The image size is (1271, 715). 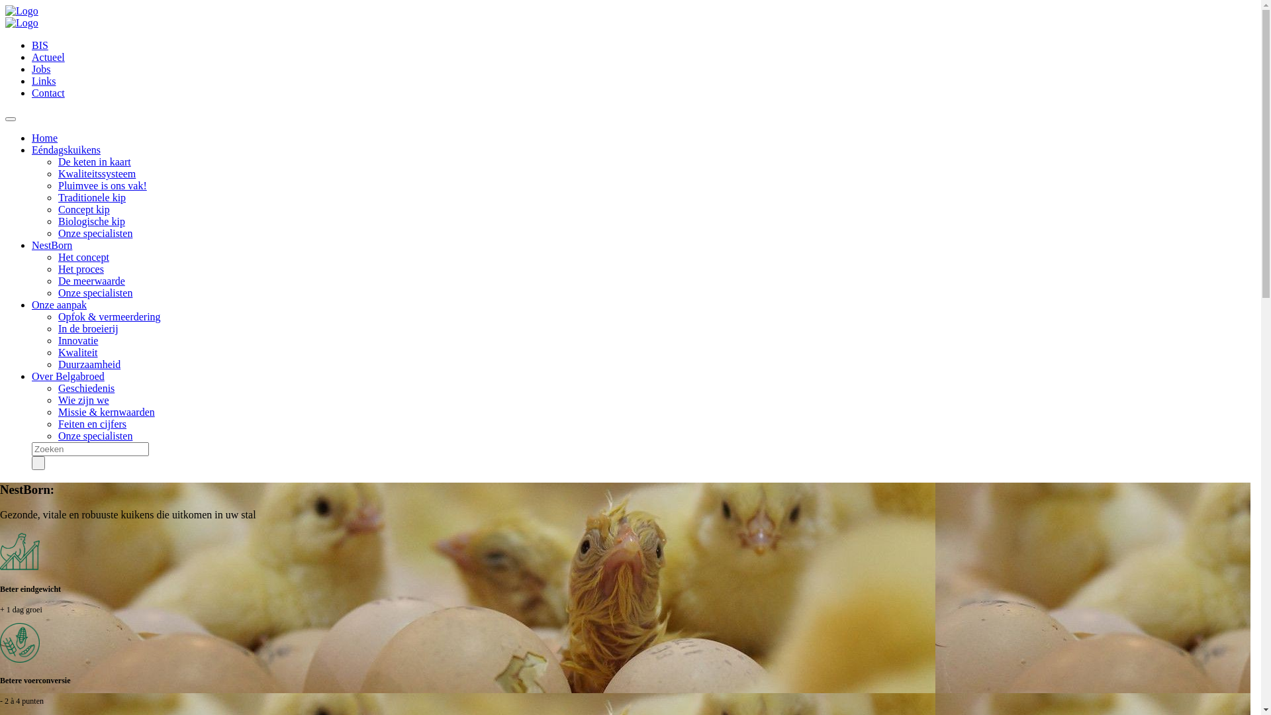 I want to click on 'De meerwaarde', so click(x=91, y=280).